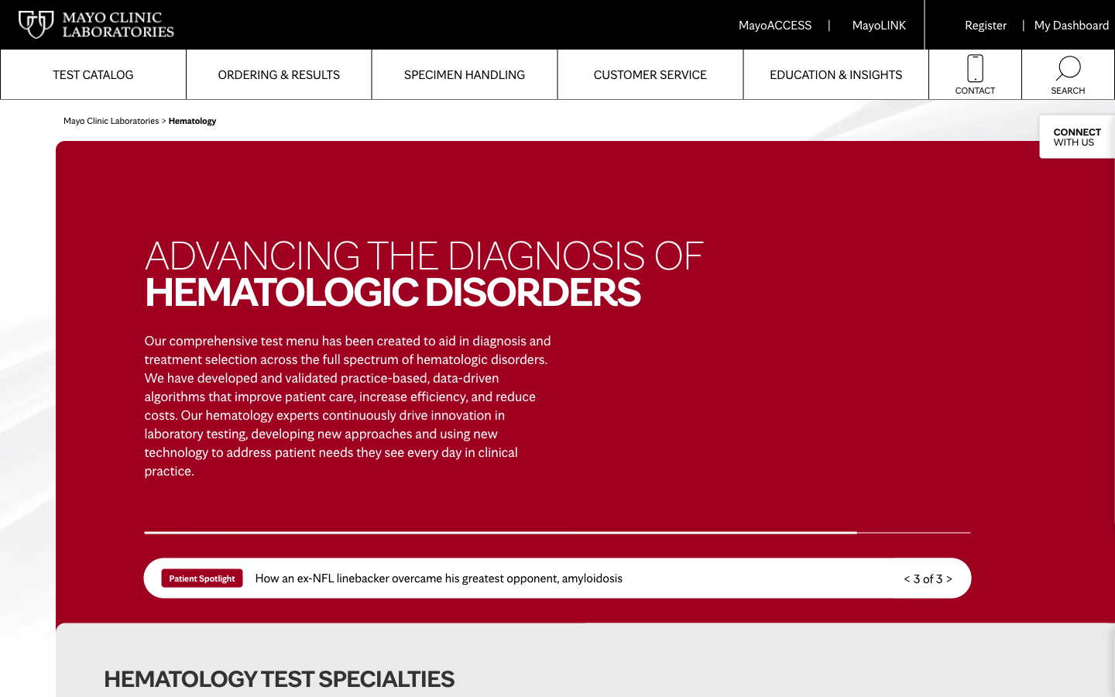 Image resolution: width=1115 pixels, height=697 pixels. I want to click on Reach out to Mayoclinic labs, so click(974, 74).